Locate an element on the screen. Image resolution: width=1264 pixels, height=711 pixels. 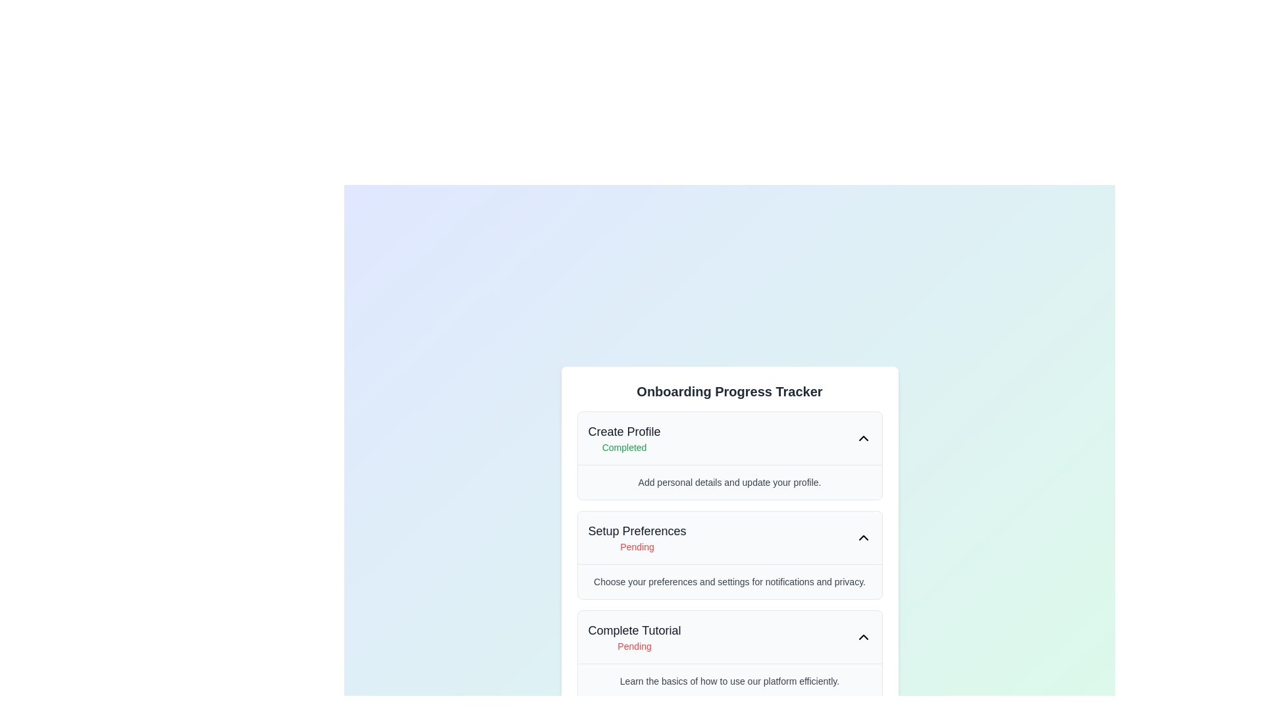
the status area of the 'Setup Preferences' task card, which is the second task item in the 'Onboarding Progress Tracker' interface, to initiate potential interactions is located at coordinates (729, 555).